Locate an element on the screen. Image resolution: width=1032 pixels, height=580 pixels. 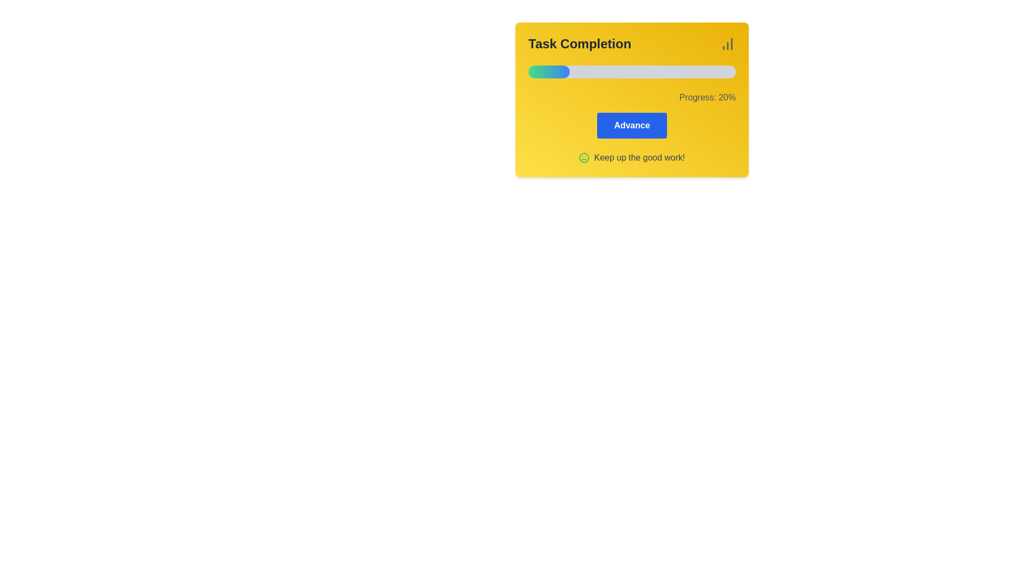
the circular smiley face icon with a green border, positioned to the left of the text 'Keep up the good work!' is located at coordinates (584, 157).